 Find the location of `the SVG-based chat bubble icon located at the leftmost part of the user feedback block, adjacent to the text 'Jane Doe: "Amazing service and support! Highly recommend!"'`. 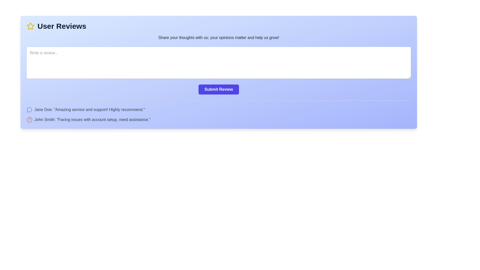

the SVG-based chat bubble icon located at the leftmost part of the user feedback block, adjacent to the text 'Jane Doe: "Amazing service and support! Highly recommend!"' is located at coordinates (29, 109).